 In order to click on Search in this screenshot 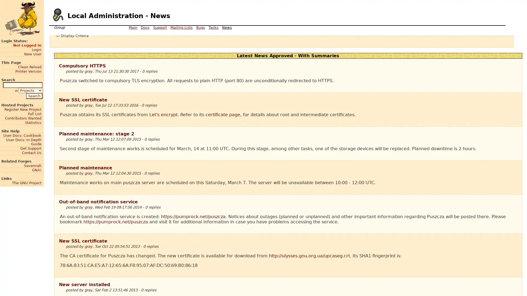, I will do `click(34, 95)`.